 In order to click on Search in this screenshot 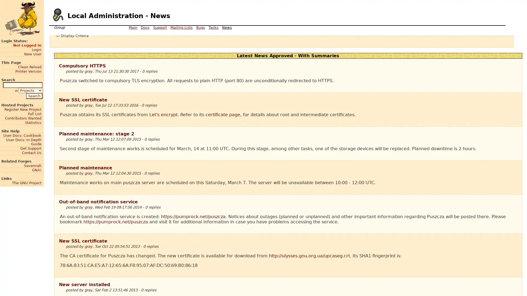, I will do `click(34, 95)`.